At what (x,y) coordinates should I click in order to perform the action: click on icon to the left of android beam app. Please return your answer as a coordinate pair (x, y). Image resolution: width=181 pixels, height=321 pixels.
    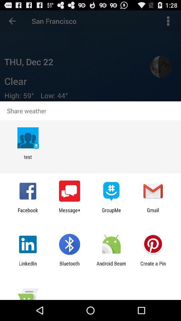
    Looking at the image, I should click on (69, 266).